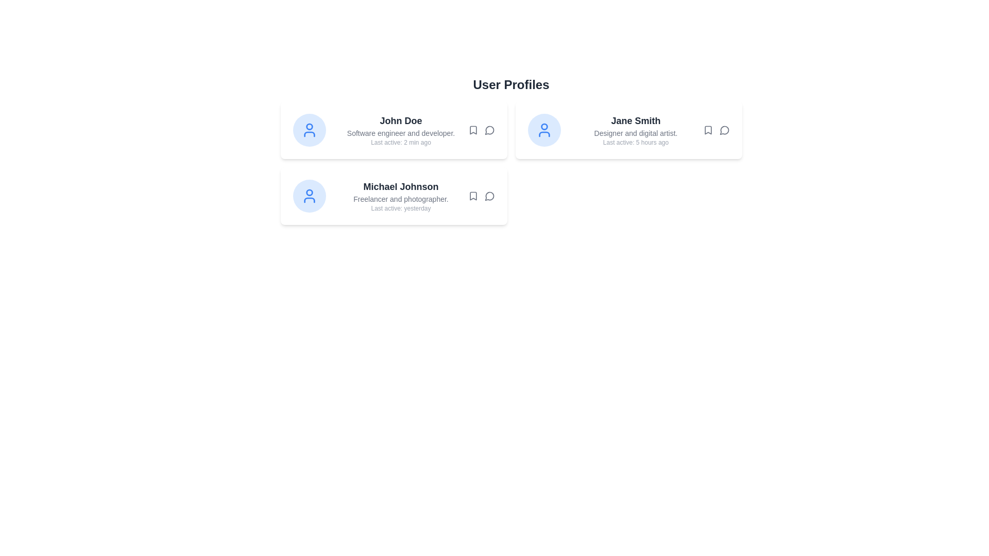 This screenshot has height=556, width=989. What do you see at coordinates (400, 186) in the screenshot?
I see `the name label for the user profile 'Michael Johnson'` at bounding box center [400, 186].